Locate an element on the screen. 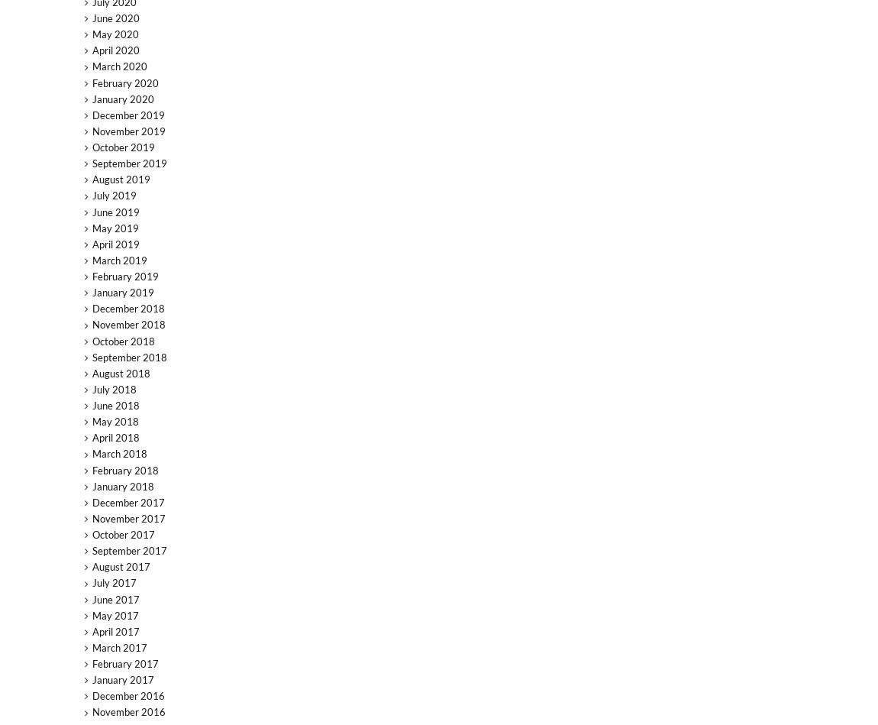 The height and width of the screenshot is (725, 878). 'February 2020' is located at coordinates (124, 82).